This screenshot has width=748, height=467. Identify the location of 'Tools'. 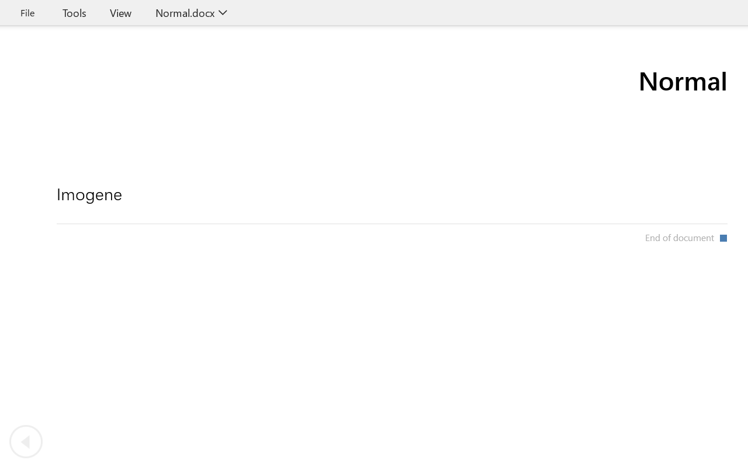
(74, 12).